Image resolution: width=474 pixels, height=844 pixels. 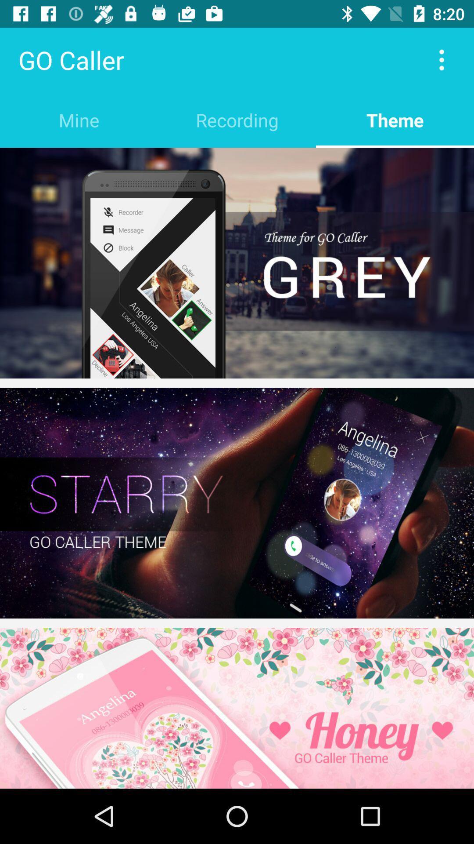 I want to click on the item to the right of the recording, so click(x=394, y=120).